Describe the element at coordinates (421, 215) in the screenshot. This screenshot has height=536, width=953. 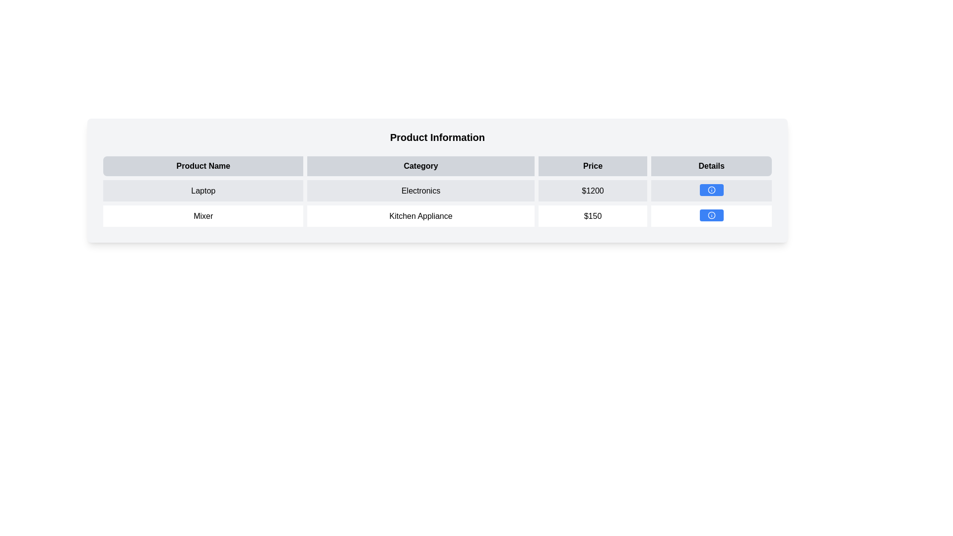
I see `text label indicating the category 'Mixer' within the table row structure, positioned between 'Mixer' and '$150'` at that location.